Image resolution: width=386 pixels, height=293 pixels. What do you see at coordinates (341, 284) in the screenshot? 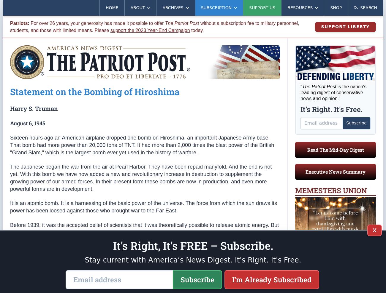
I see `'More Memes >'` at bounding box center [341, 284].